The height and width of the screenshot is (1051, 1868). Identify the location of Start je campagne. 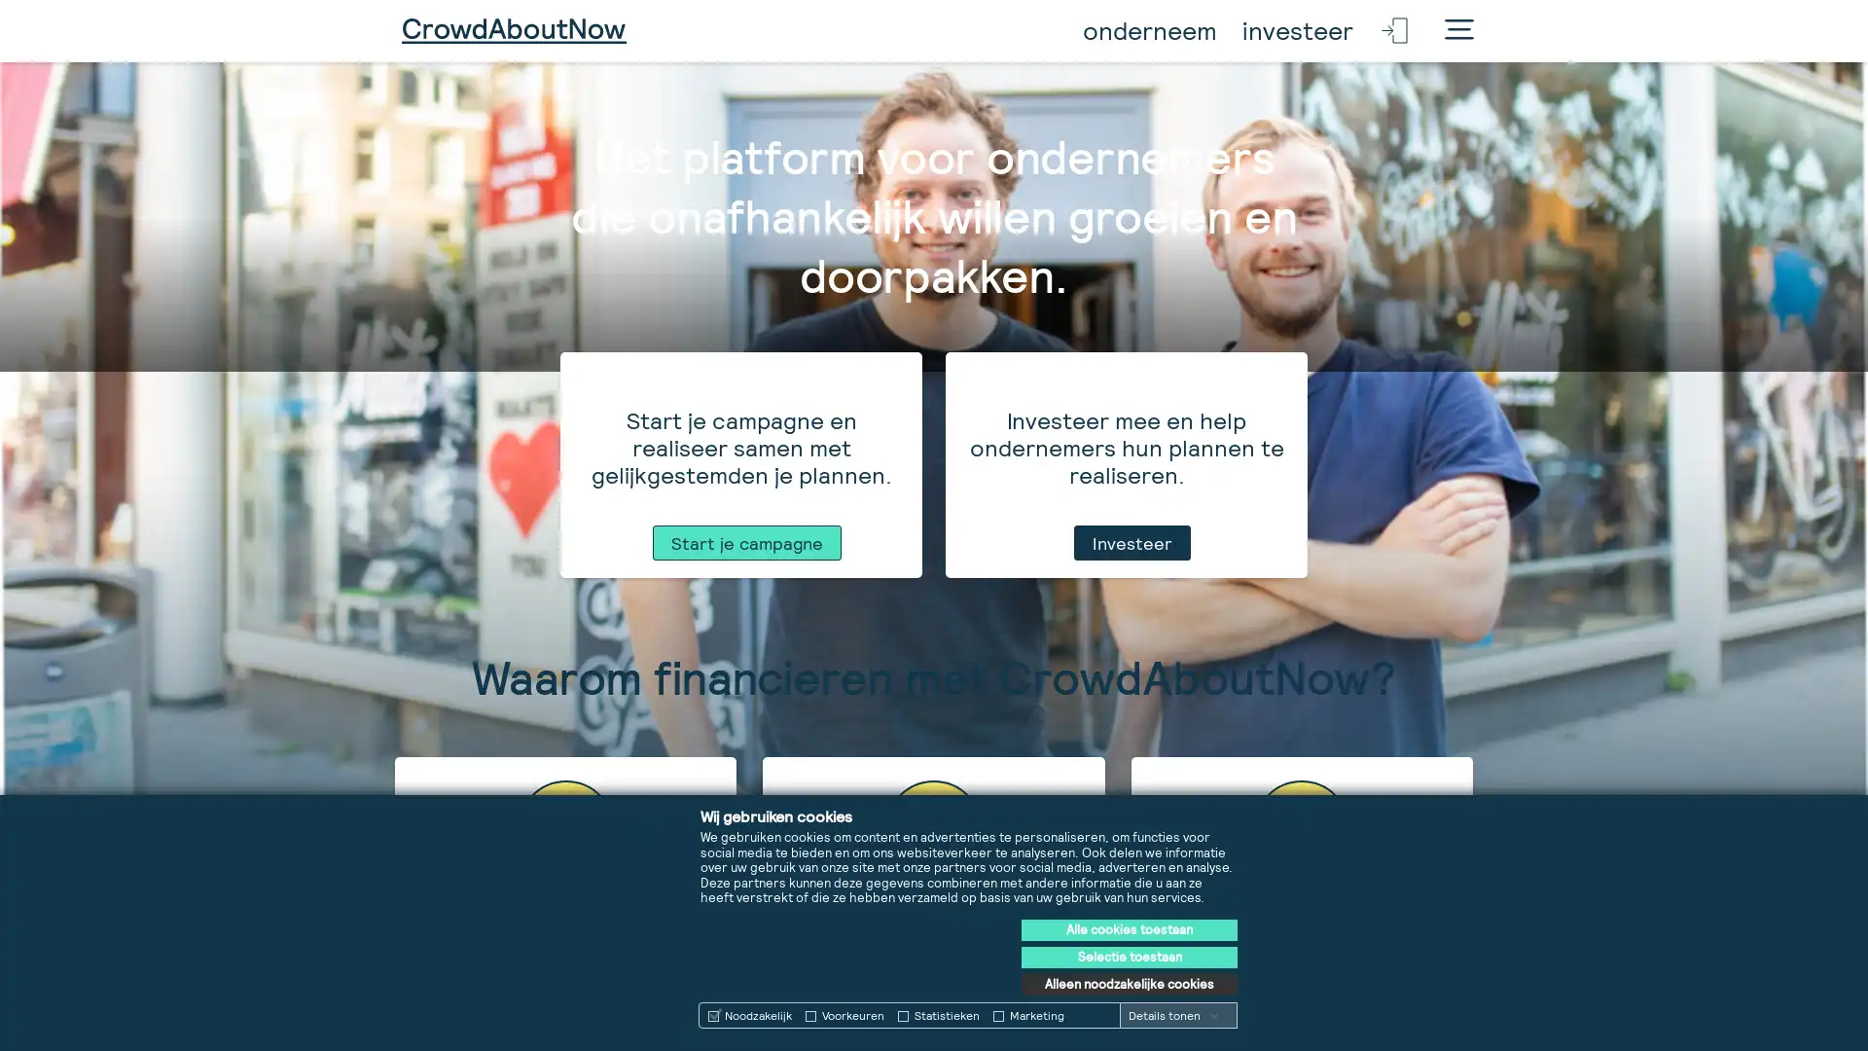
(746, 1020).